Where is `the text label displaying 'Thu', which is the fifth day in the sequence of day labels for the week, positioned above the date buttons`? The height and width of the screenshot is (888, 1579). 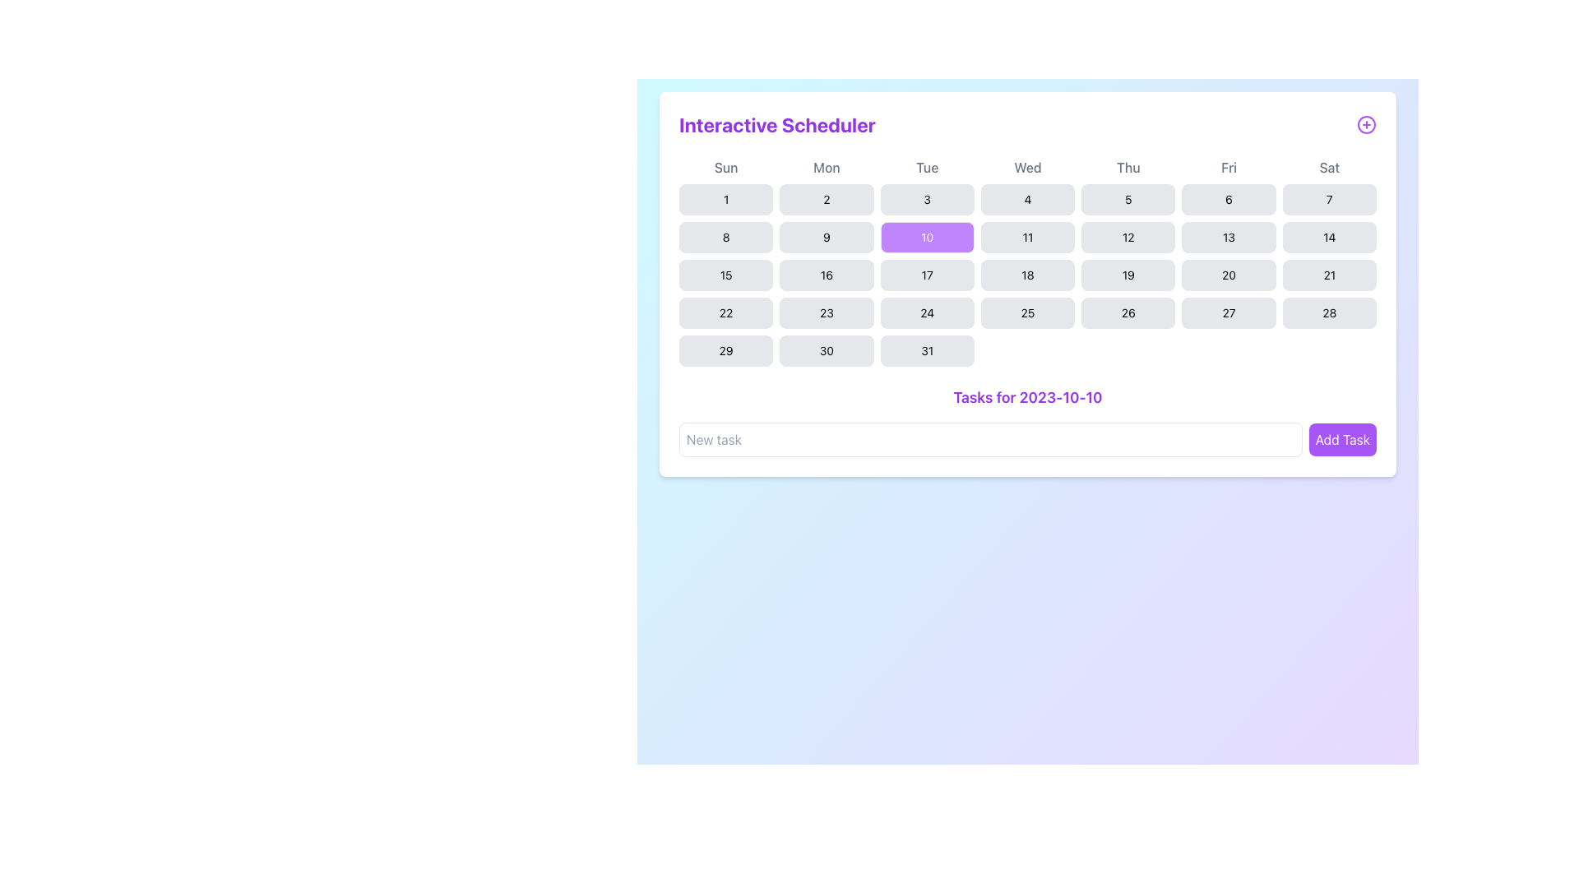 the text label displaying 'Thu', which is the fifth day in the sequence of day labels for the week, positioned above the date buttons is located at coordinates (1128, 168).